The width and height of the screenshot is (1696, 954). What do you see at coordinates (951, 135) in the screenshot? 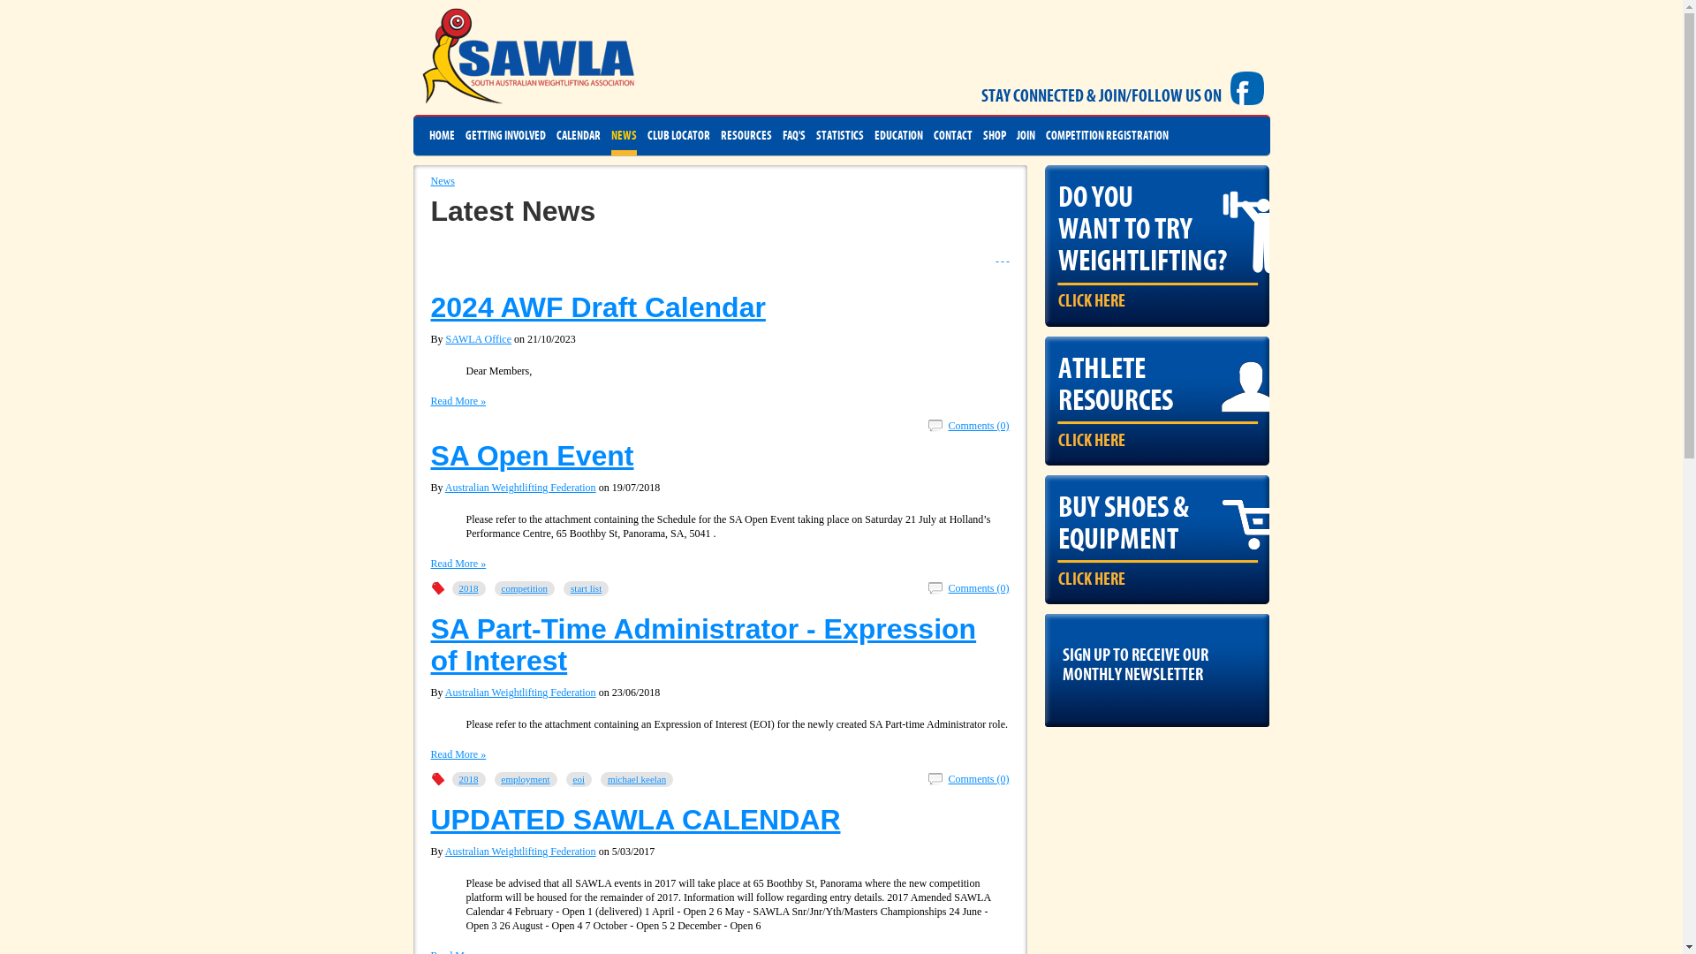
I see `'CONTACT'` at bounding box center [951, 135].